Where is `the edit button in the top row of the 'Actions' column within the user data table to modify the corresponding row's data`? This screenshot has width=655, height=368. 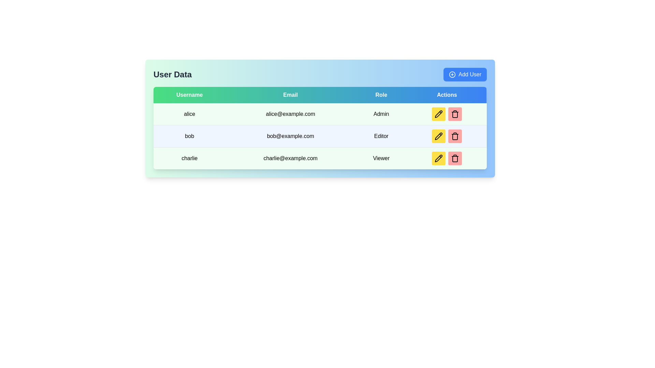 the edit button in the top row of the 'Actions' column within the user data table to modify the corresponding row's data is located at coordinates (439, 114).